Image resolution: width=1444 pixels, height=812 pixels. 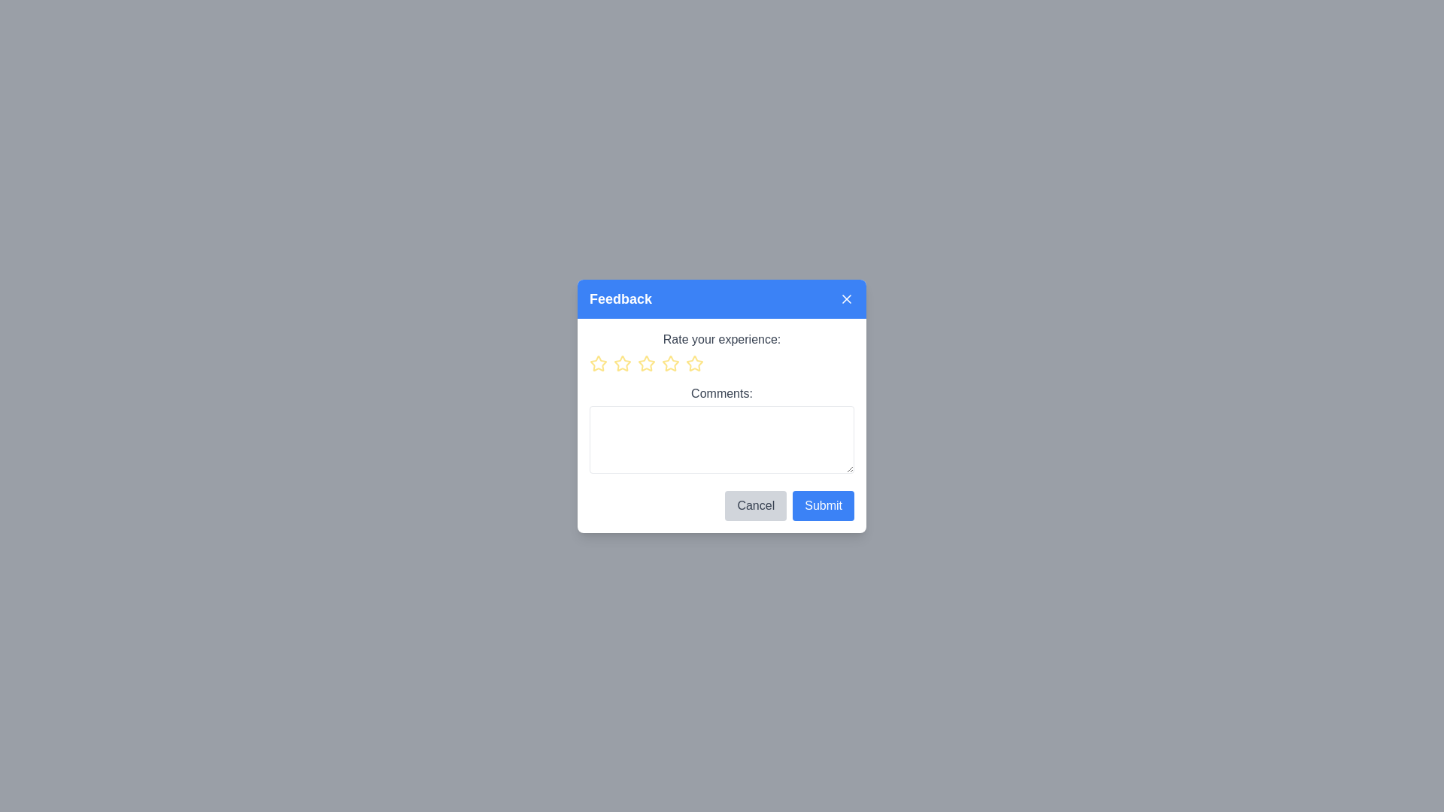 What do you see at coordinates (694, 363) in the screenshot?
I see `the fourth star icon in the rating system` at bounding box center [694, 363].